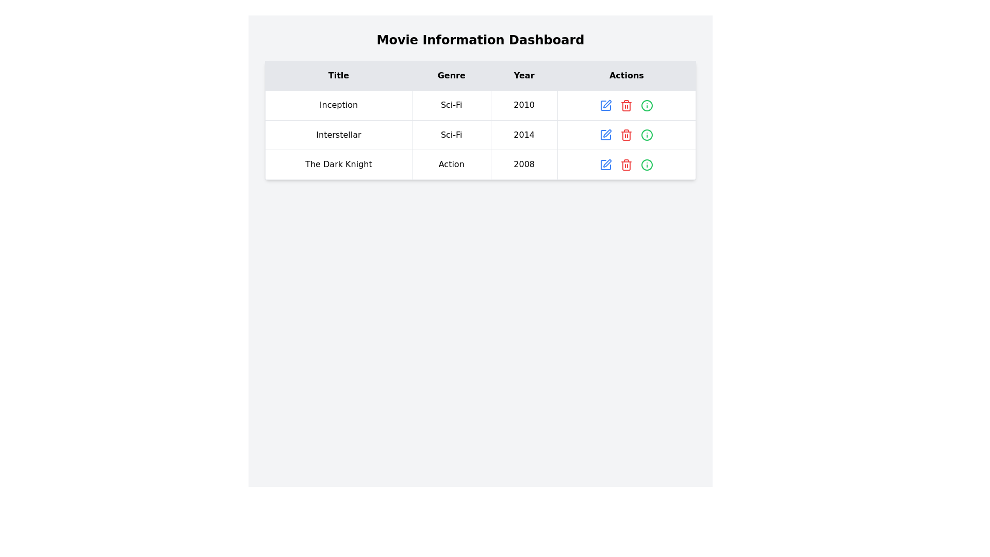  Describe the element at coordinates (606, 135) in the screenshot. I see `the 'Edit' action button located in the 'Actions' column of the second row in the table to initiate editing` at that location.